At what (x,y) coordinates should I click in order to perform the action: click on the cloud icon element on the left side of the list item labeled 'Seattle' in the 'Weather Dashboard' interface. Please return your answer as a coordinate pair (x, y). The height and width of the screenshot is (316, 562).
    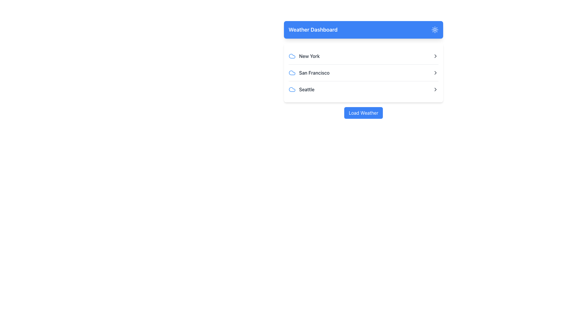
    Looking at the image, I should click on (292, 89).